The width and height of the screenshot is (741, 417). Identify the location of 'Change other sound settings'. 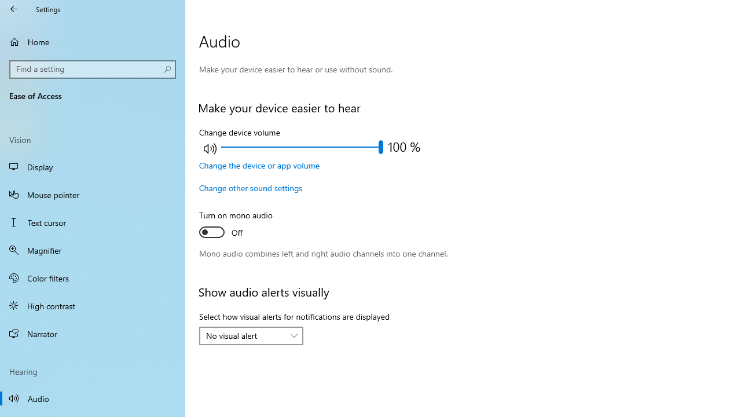
(250, 187).